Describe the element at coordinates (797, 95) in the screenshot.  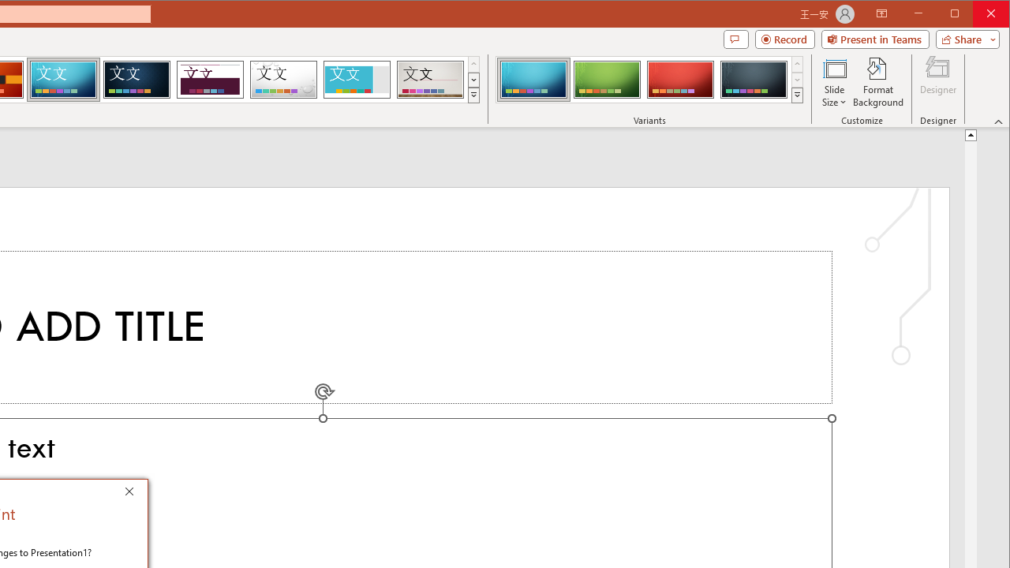
I see `'Variants'` at that location.